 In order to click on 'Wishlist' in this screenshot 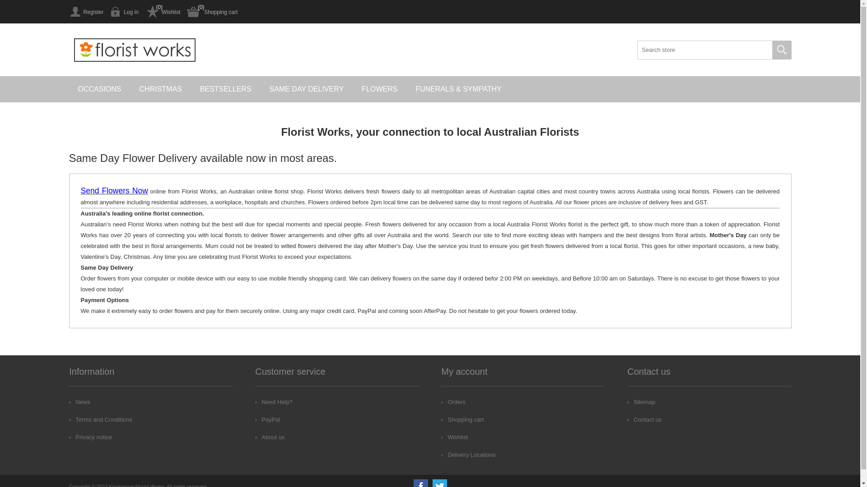, I will do `click(454, 436)`.